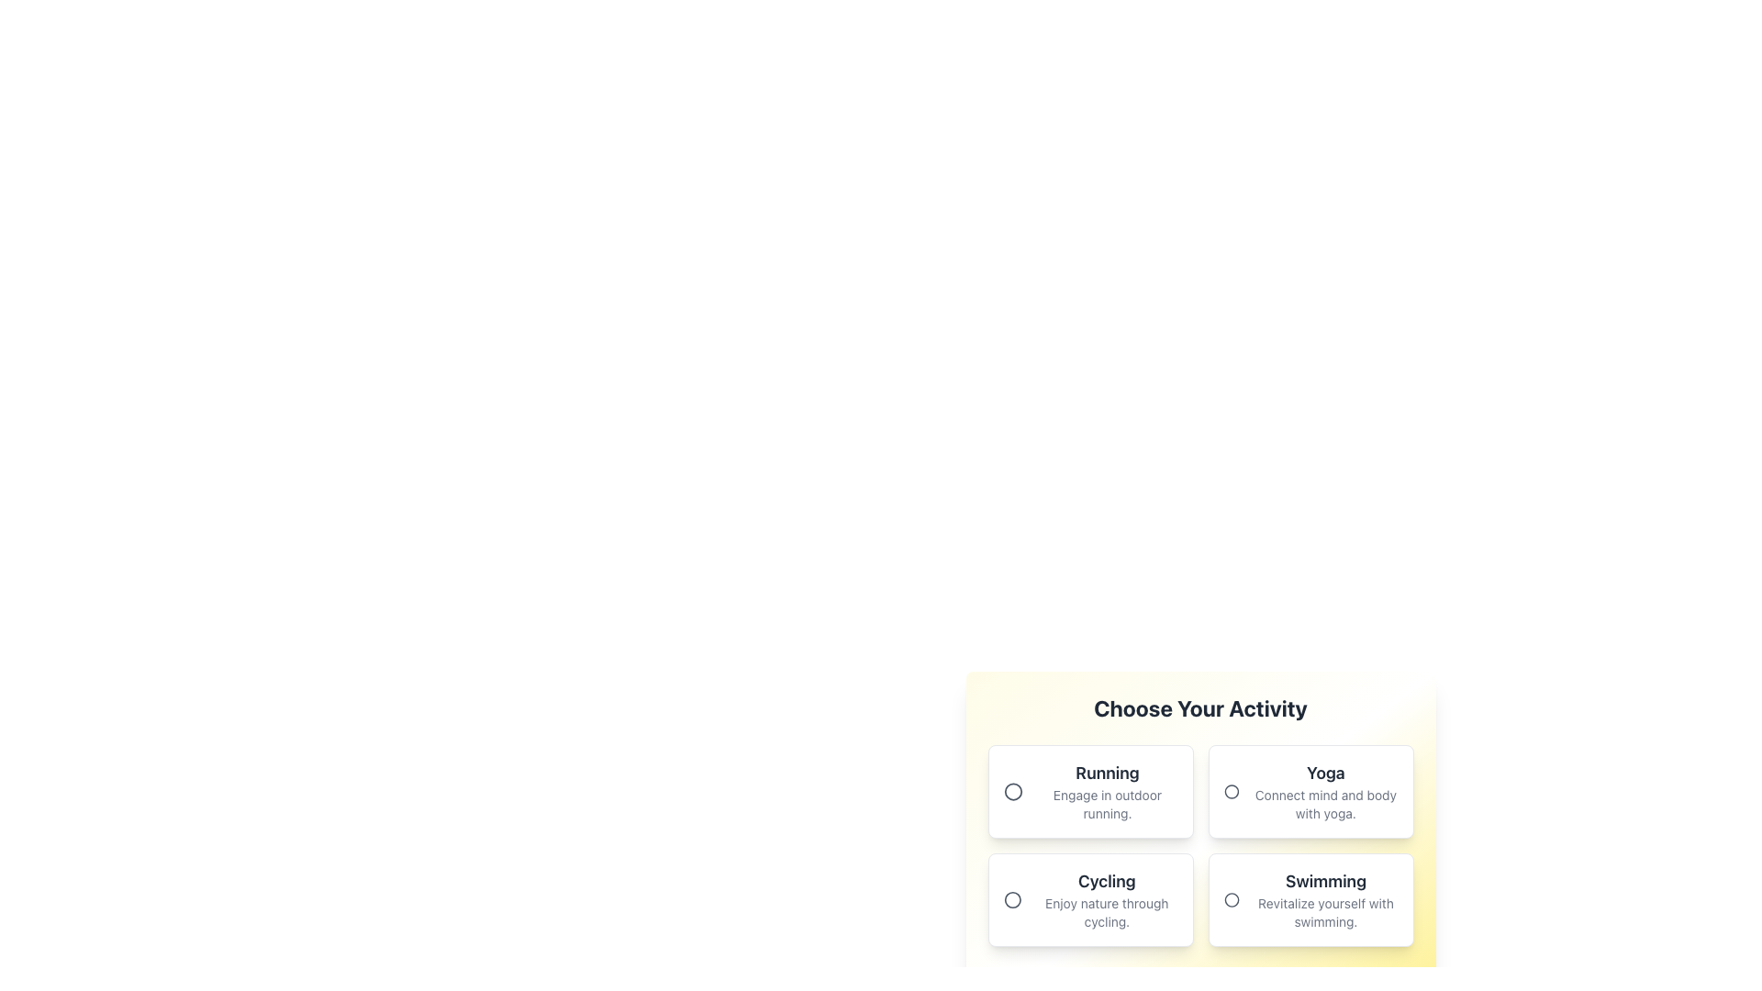 The height and width of the screenshot is (991, 1762). What do you see at coordinates (1106, 791) in the screenshot?
I see `text block titled 'Running' with the description 'Engage in outdoor running.' located in the top-left interactive card of the grid layout` at bounding box center [1106, 791].